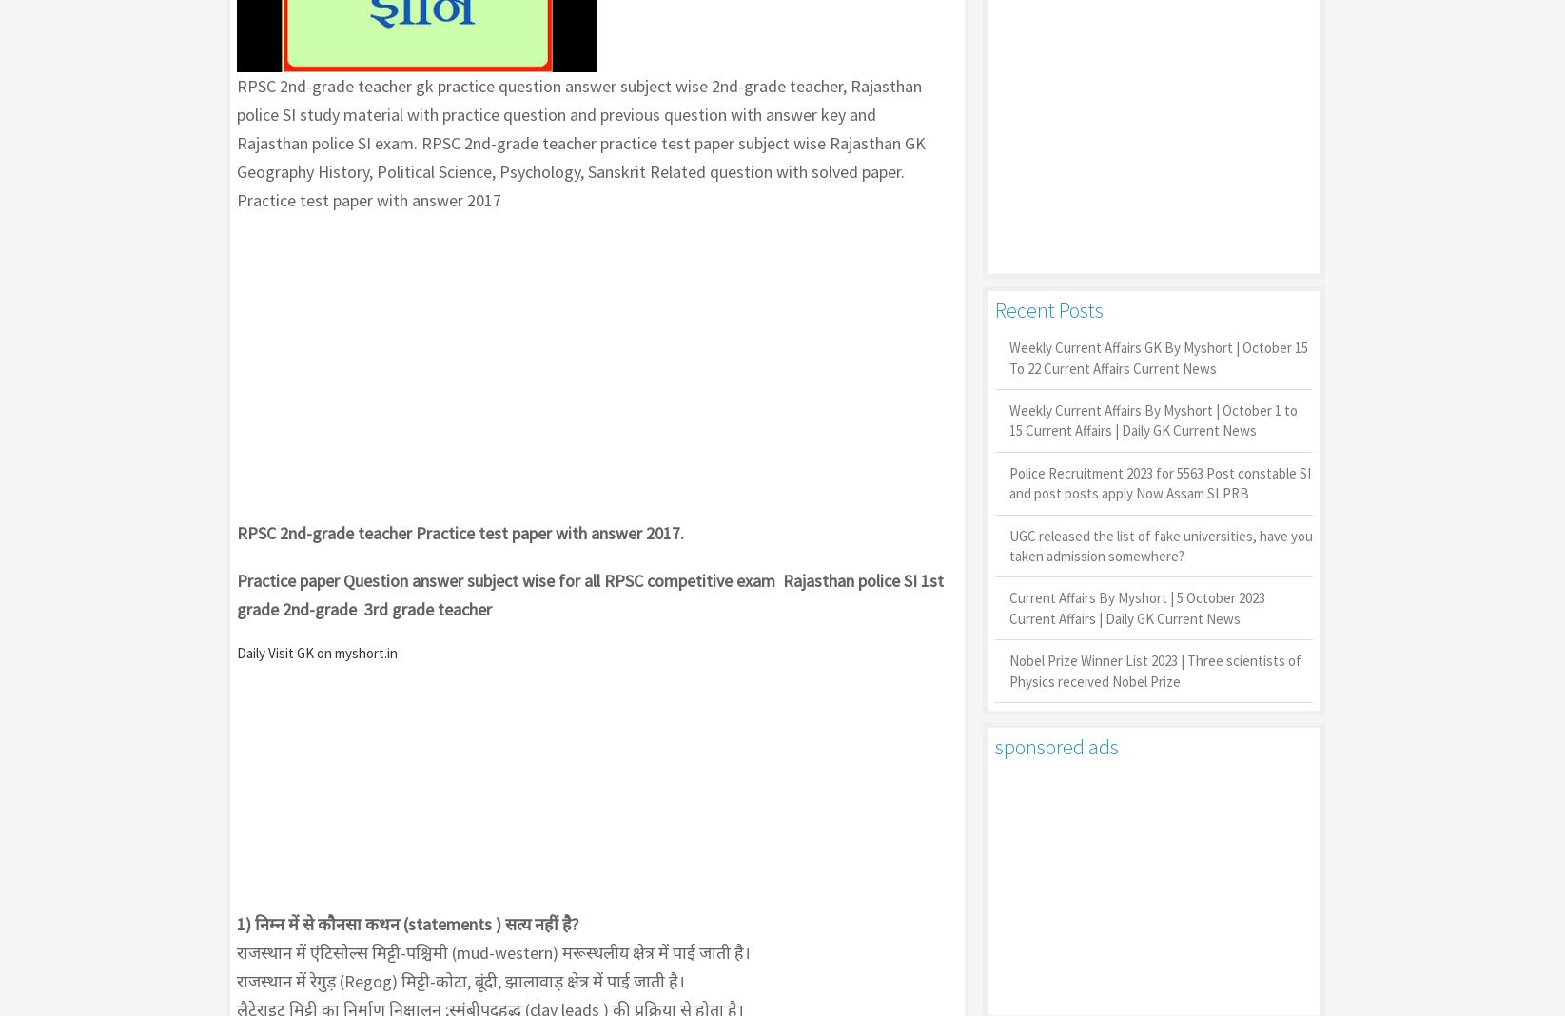 The image size is (1565, 1016). What do you see at coordinates (236, 653) in the screenshot?
I see `'Daily Visit GK on myshort.in'` at bounding box center [236, 653].